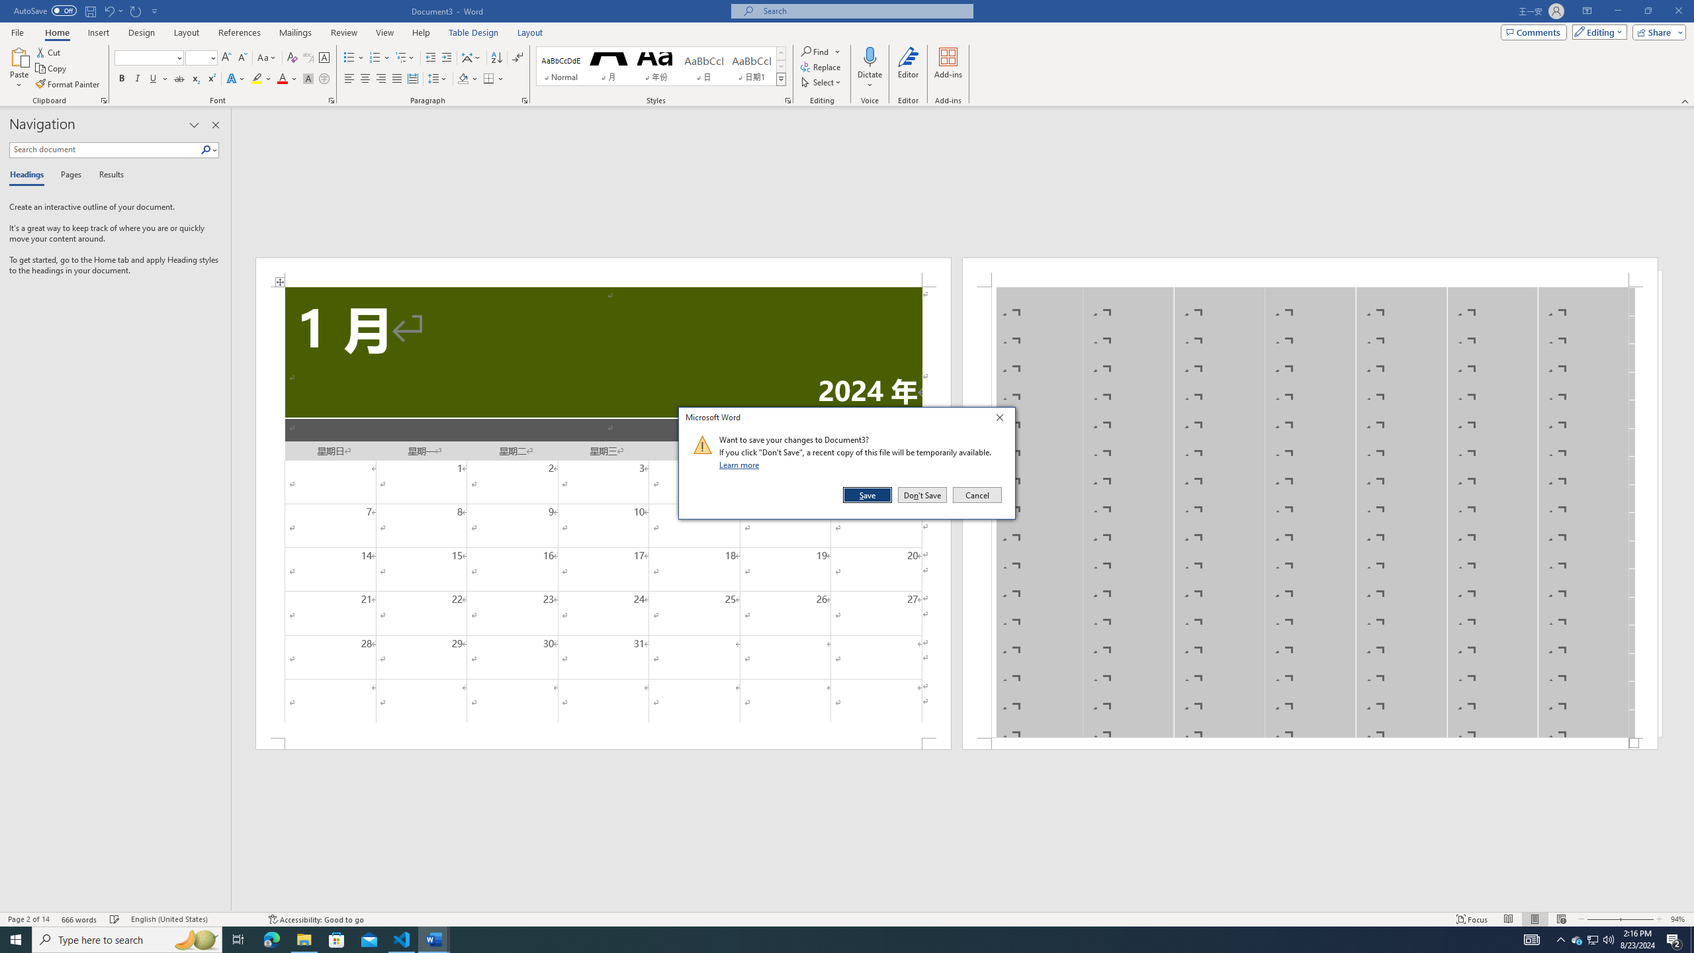 The width and height of the screenshot is (1694, 953). Describe the element at coordinates (922, 494) in the screenshot. I see `'Don'` at that location.